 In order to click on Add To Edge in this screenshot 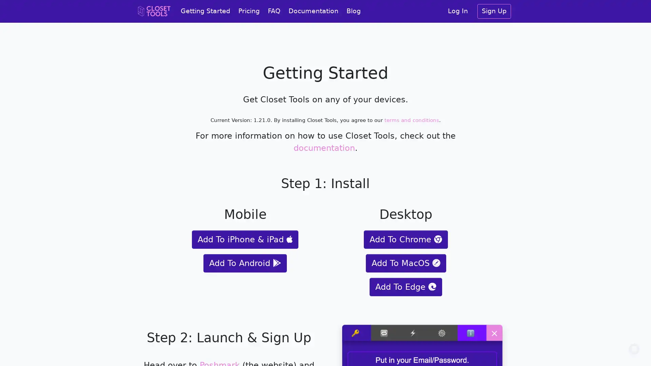, I will do `click(406, 286)`.